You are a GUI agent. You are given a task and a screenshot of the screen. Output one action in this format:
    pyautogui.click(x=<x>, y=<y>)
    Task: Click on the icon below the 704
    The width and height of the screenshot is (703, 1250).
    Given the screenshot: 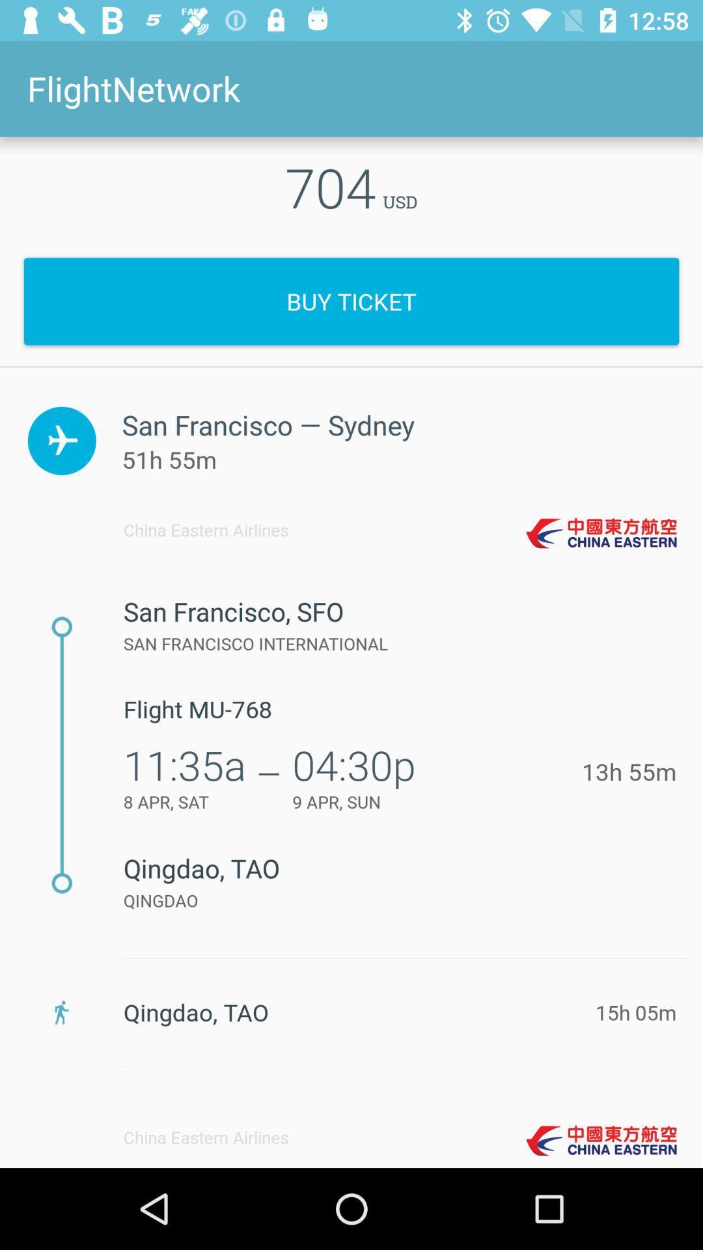 What is the action you would take?
    pyautogui.click(x=351, y=301)
    